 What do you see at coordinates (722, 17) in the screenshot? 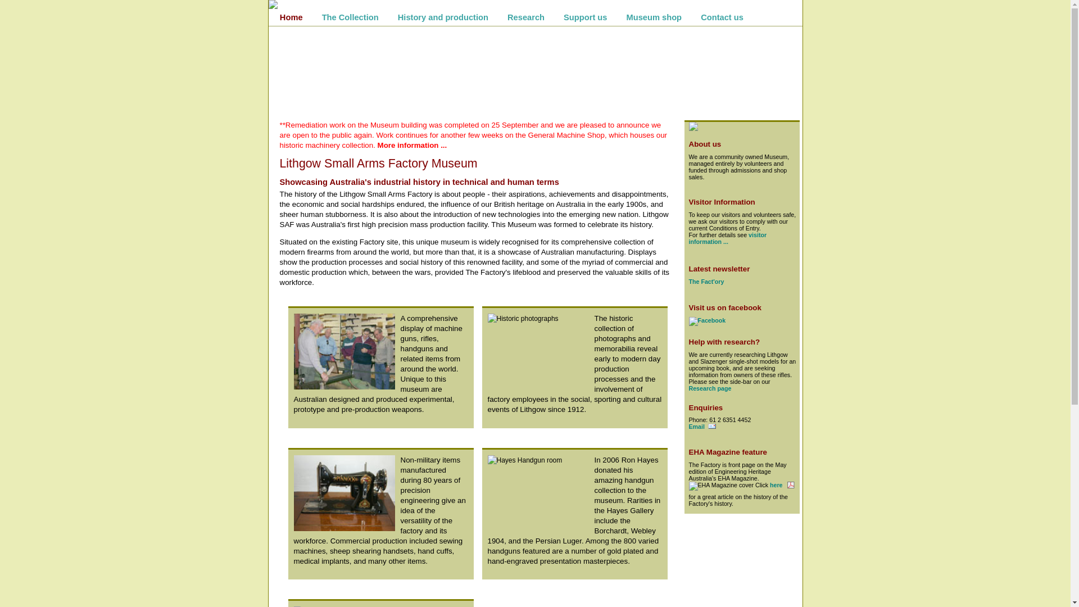
I see `'Contact us'` at bounding box center [722, 17].